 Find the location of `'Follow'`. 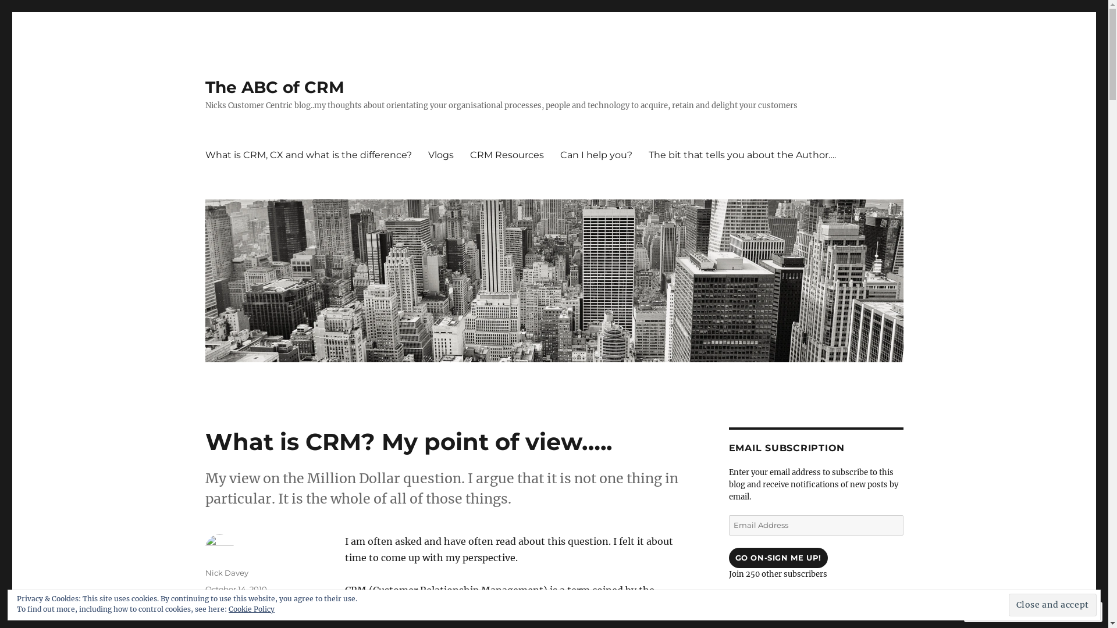

'Follow' is located at coordinates (1031, 611).